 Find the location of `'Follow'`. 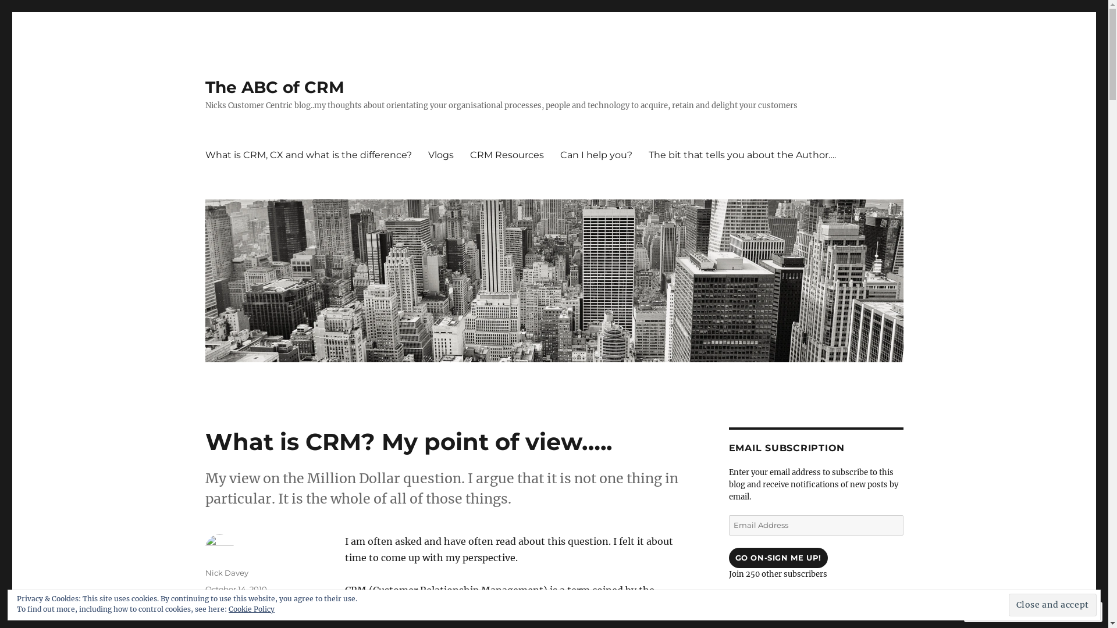

'Follow' is located at coordinates (1031, 611).